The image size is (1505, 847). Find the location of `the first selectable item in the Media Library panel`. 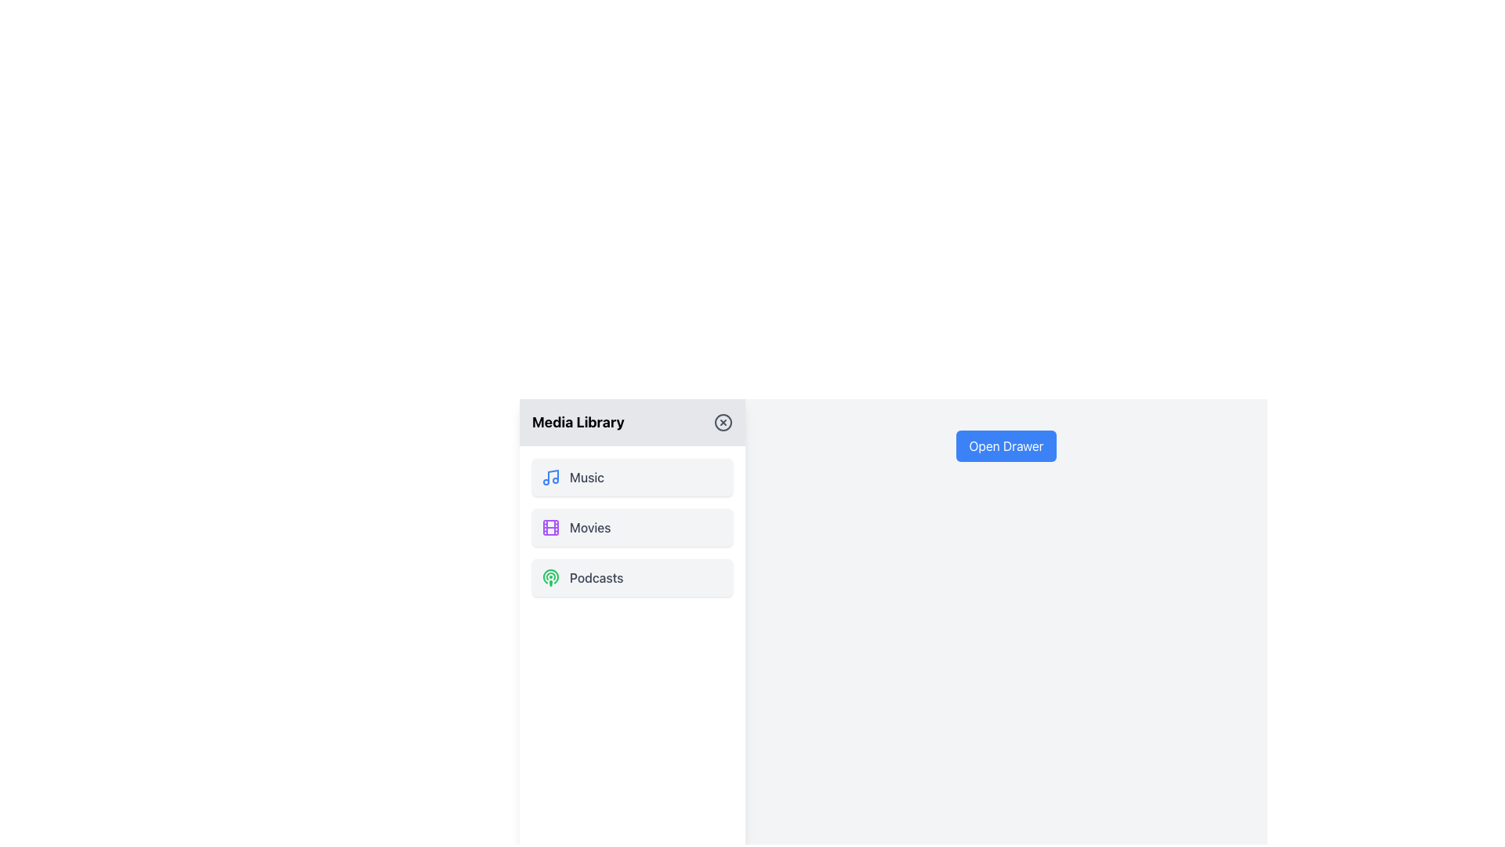

the first selectable item in the Media Library panel is located at coordinates (632, 477).